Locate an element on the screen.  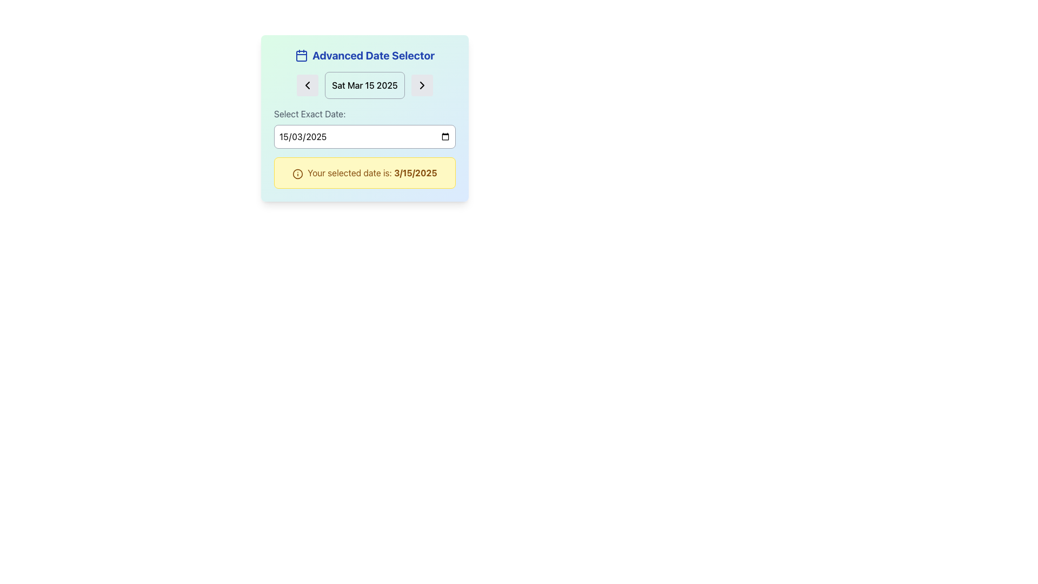
the button containing the right-pointing arrow icon adjacent to the date display labeled 'Sat Mar 15 2025' is located at coordinates (421, 85).